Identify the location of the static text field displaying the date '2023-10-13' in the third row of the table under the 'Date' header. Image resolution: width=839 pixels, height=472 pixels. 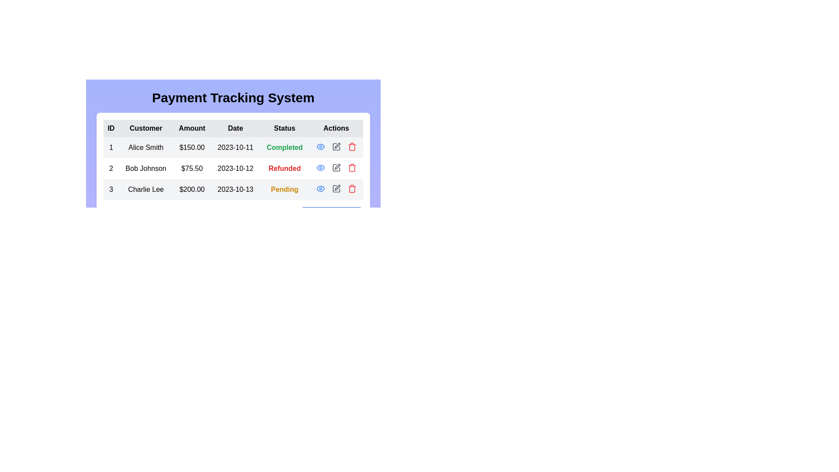
(235, 189).